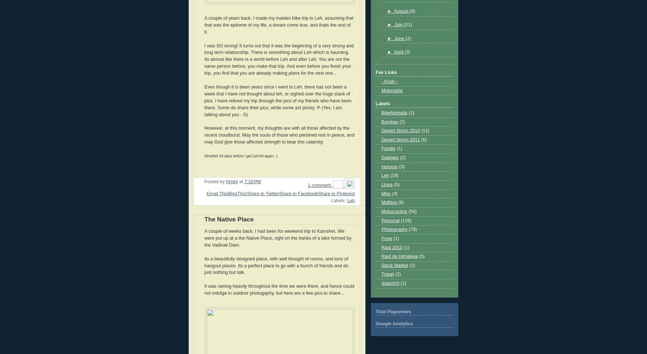  What do you see at coordinates (400, 130) in the screenshot?
I see `'Desert Storm 2010'` at bounding box center [400, 130].